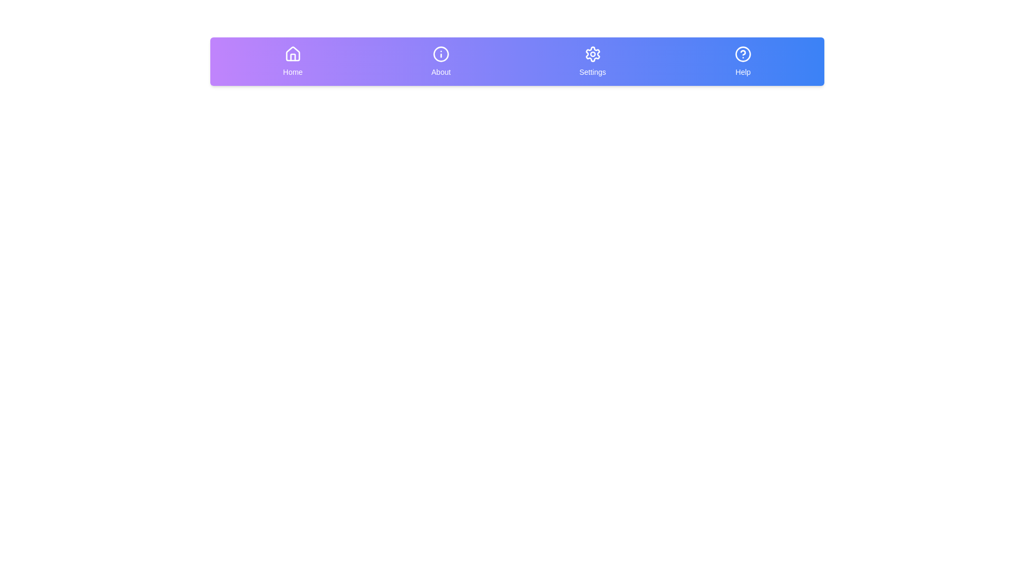  What do you see at coordinates (293, 61) in the screenshot?
I see `the 'Home' button in the navigation bar, which features a house icon and a white label on a light purple background` at bounding box center [293, 61].